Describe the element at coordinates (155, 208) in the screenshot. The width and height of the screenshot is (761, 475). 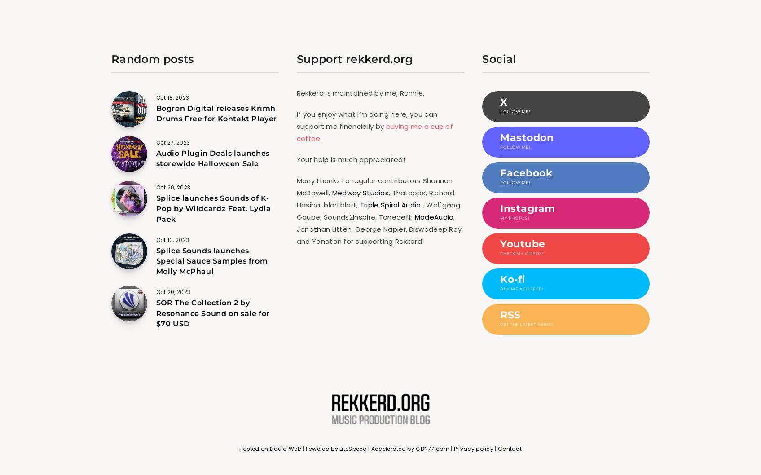
I see `'Splice launches Sounds of K-Pop by Wildcardz Feat. Lydia Paek'` at that location.